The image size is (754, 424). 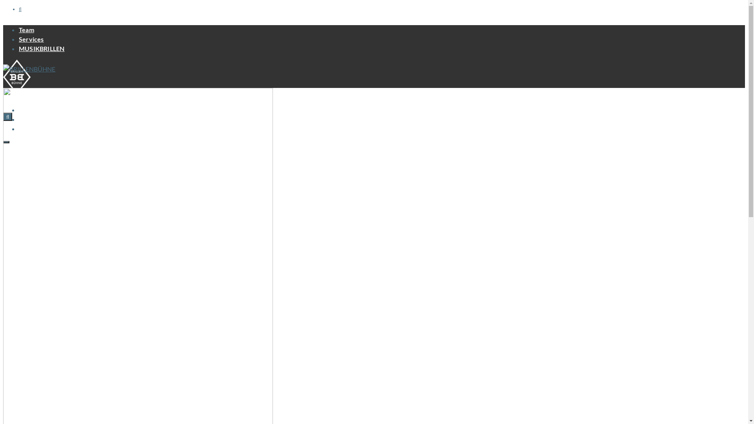 I want to click on 'Styles', so click(x=19, y=128).